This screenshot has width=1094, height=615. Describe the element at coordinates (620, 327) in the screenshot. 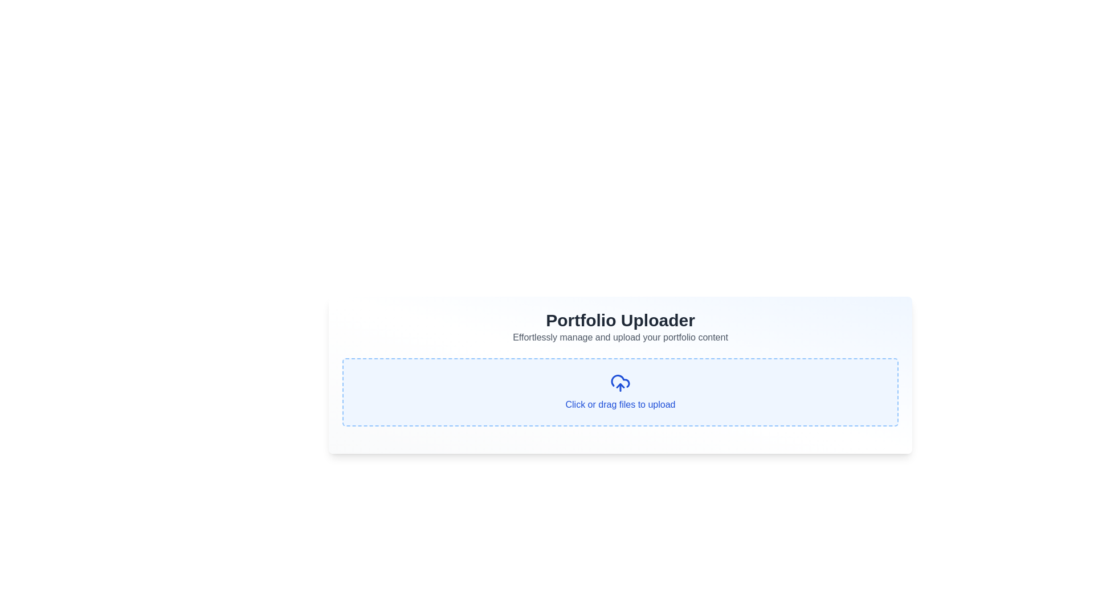

I see `the text block that serves as a descriptive header and subheader for the portfolio content upload section` at that location.